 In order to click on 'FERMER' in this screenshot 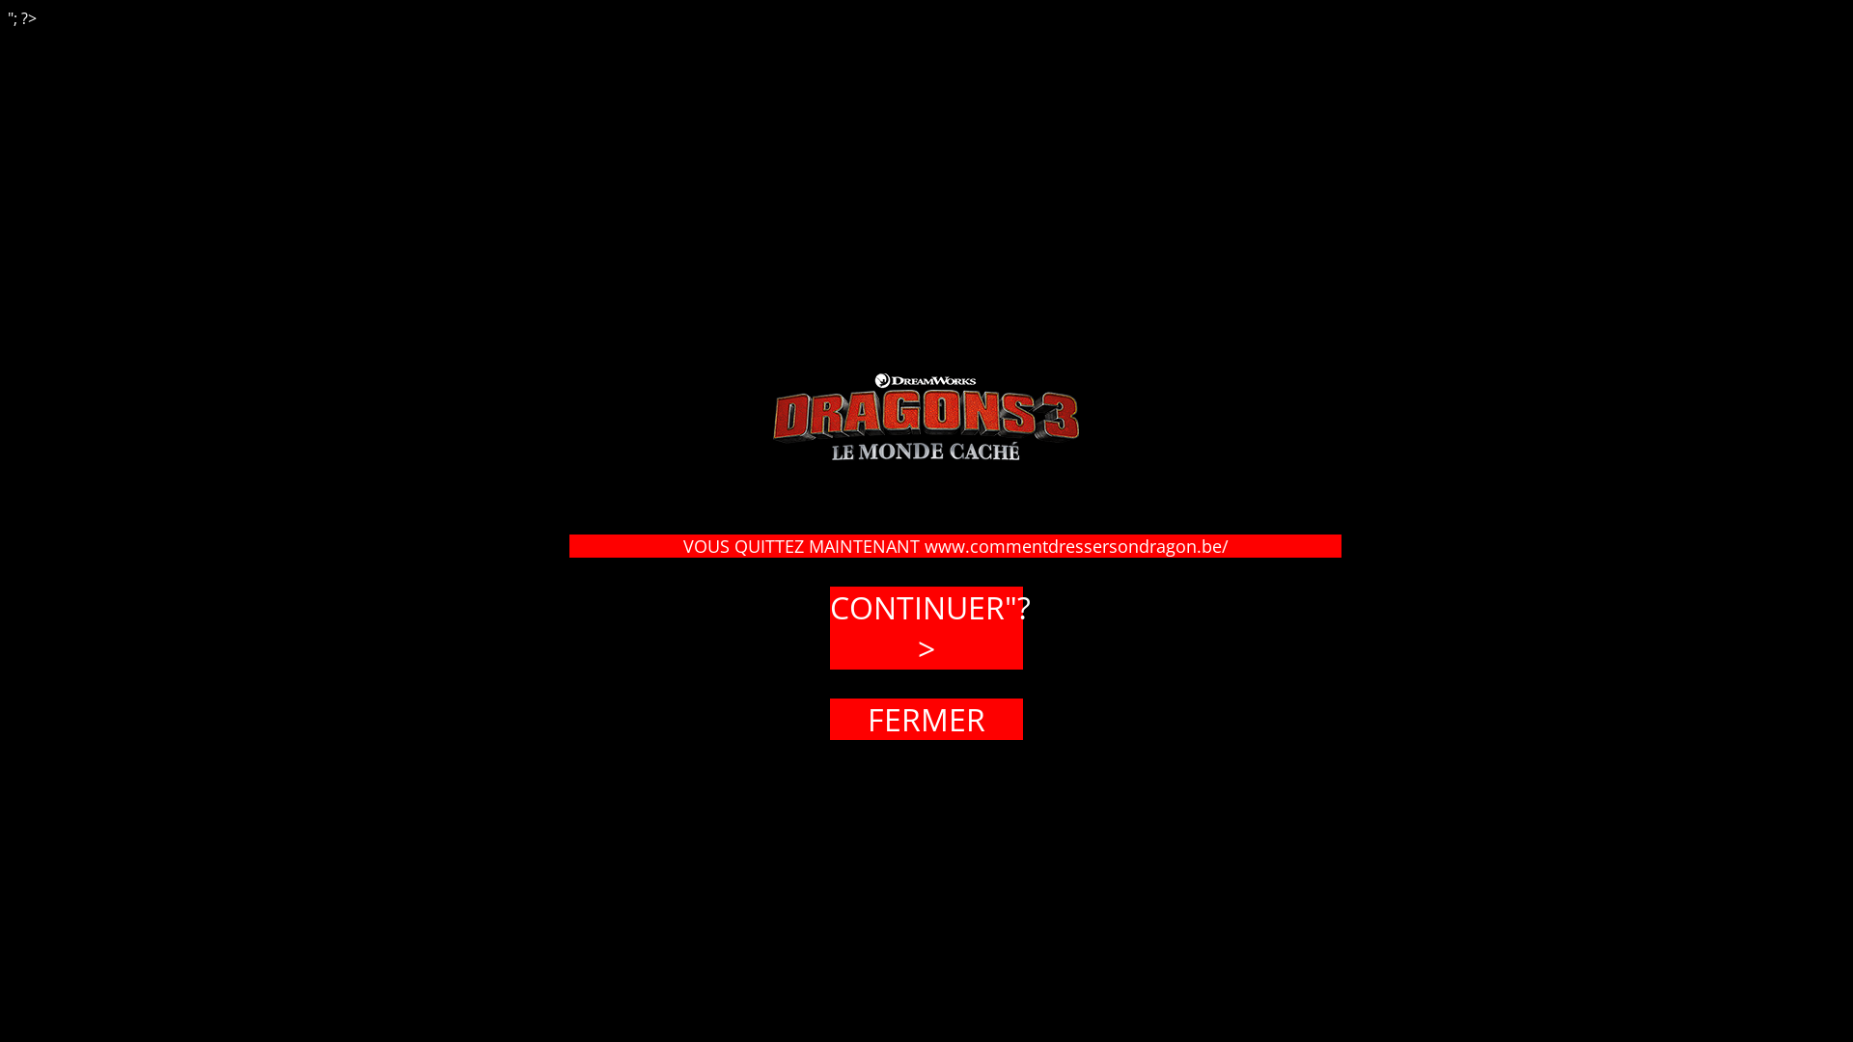, I will do `click(926, 719)`.